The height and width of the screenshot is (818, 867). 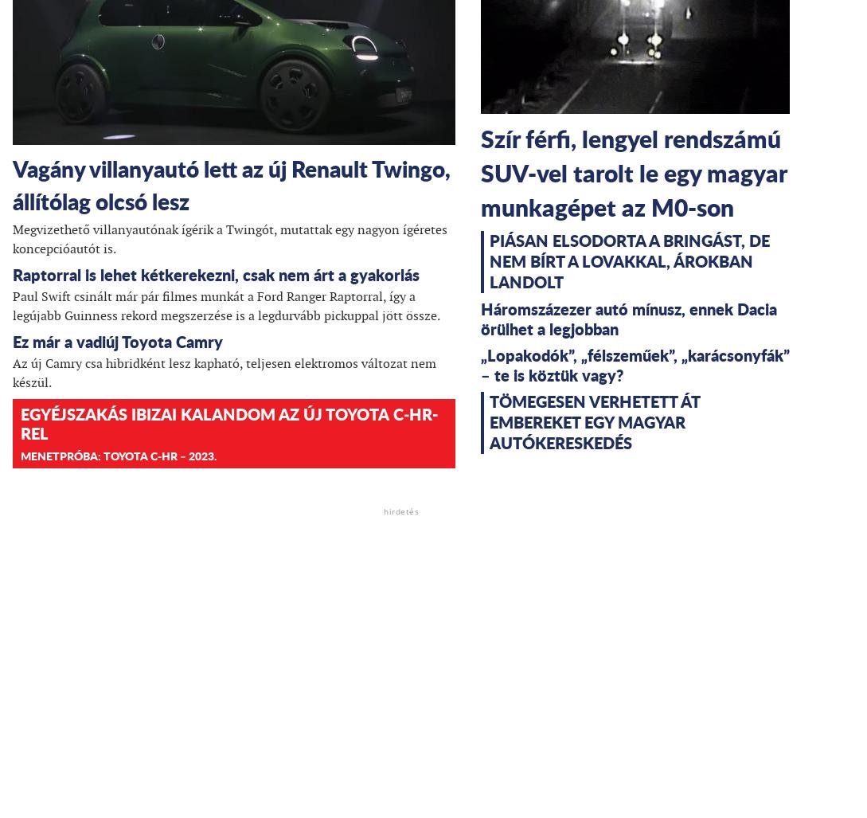 I want to click on '„Lopakodók”, „félszeműek”, „karácsonyfák” – te is köztük vagy?', so click(x=635, y=365).